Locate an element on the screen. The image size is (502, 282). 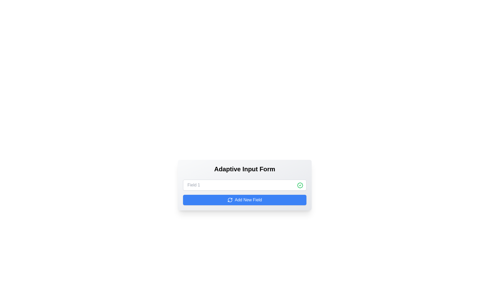
the bold heading text label that displays 'Adaptive Input Form', which is prominently positioned at the top of the card interface is located at coordinates (244, 169).